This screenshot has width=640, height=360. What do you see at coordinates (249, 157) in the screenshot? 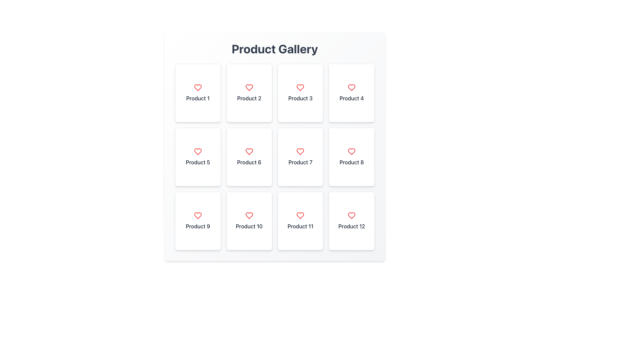
I see `the product display card for 'Product 6' located in the second column and second row of the product gallery grid` at bounding box center [249, 157].